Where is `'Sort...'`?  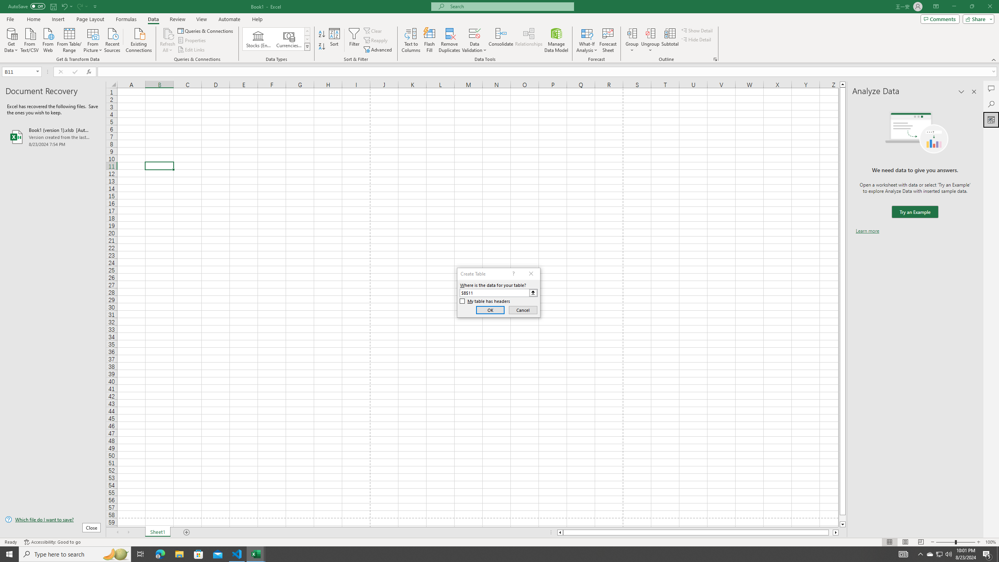
'Sort...' is located at coordinates (334, 40).